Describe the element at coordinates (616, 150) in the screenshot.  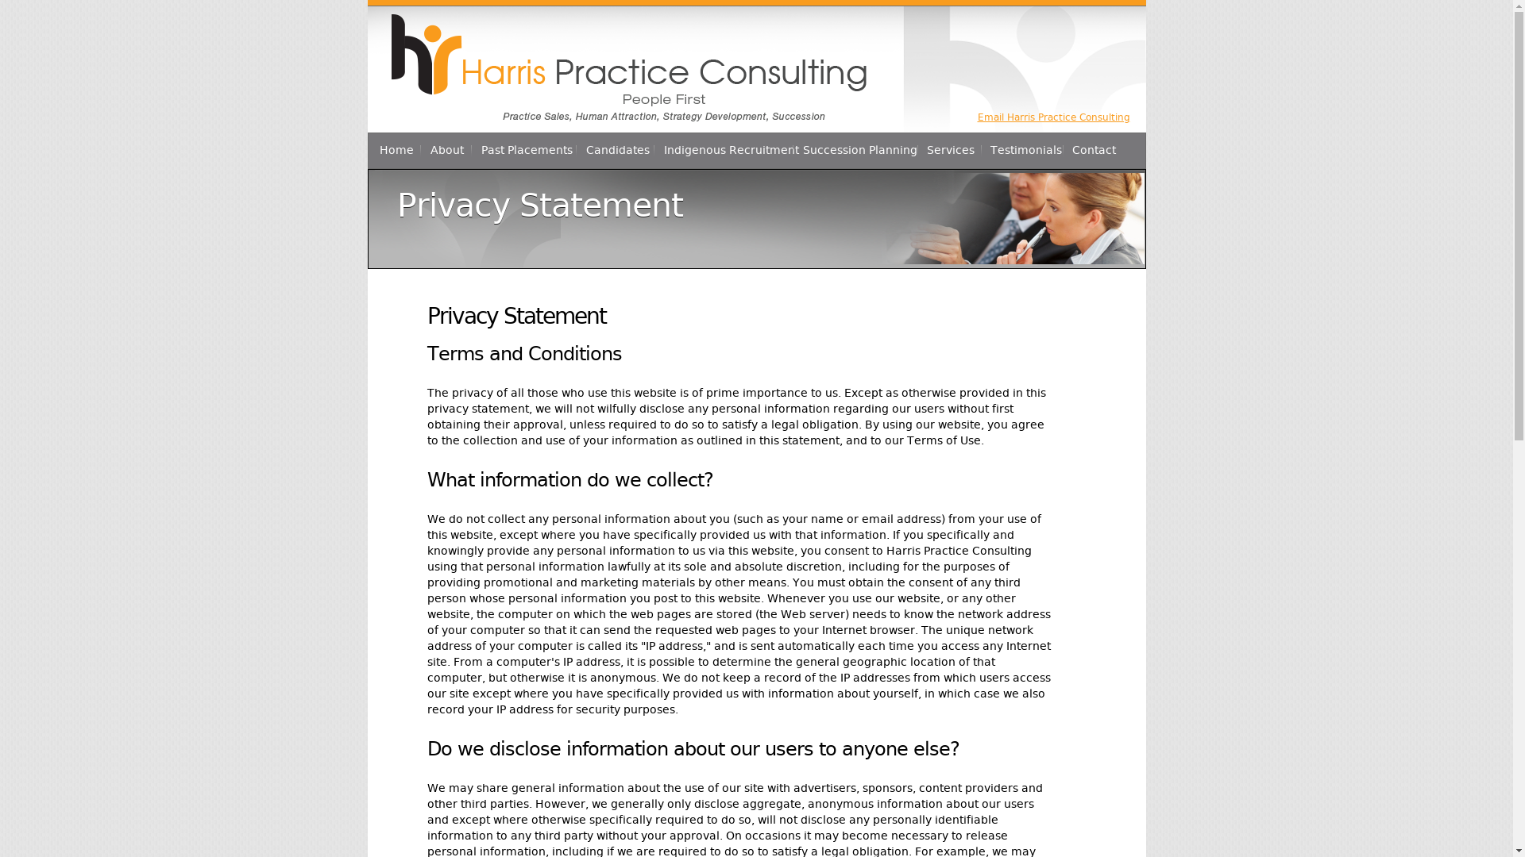
I see `'Candidates'` at that location.